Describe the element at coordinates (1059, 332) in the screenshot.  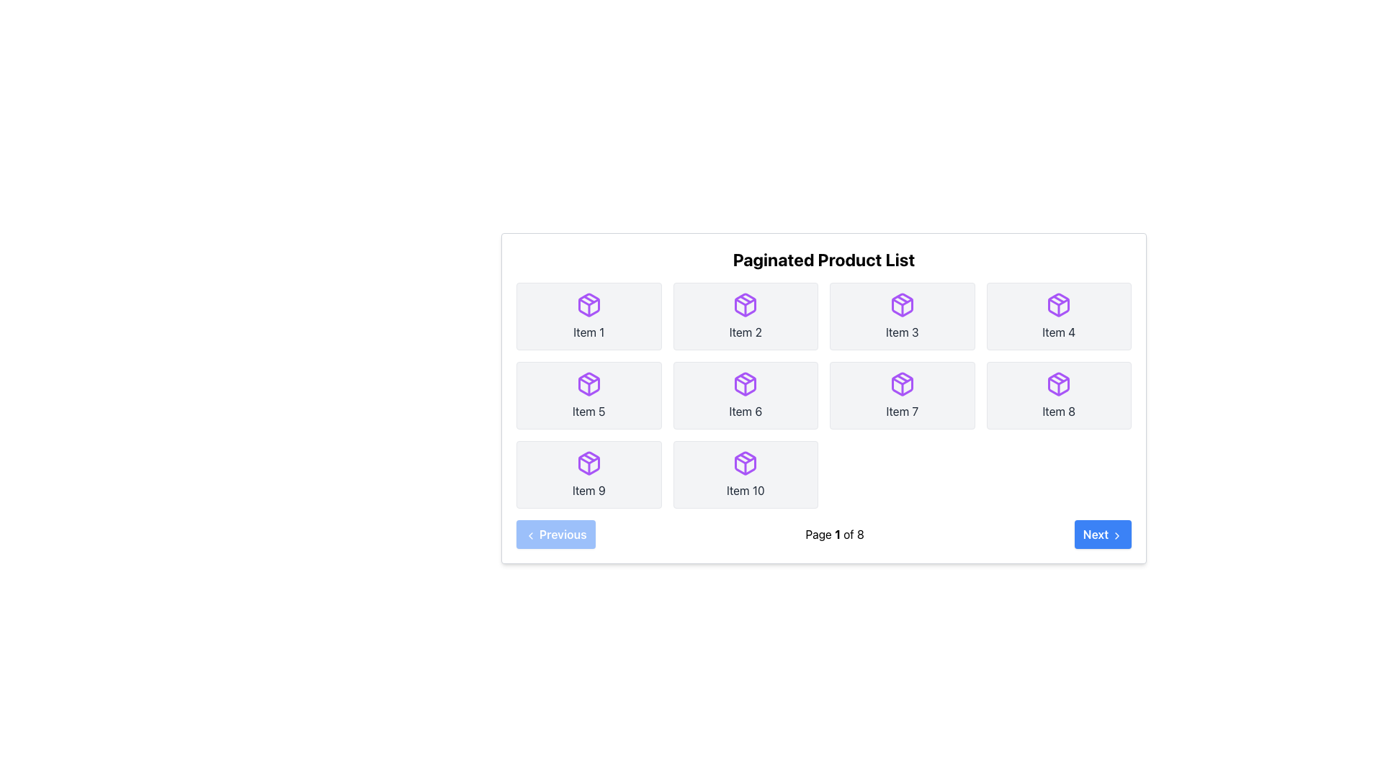
I see `the text label displaying 'Item 4' which is located in the fourth tile of the grid layout, within a rectangular card with rounded corners and a light gray background` at that location.